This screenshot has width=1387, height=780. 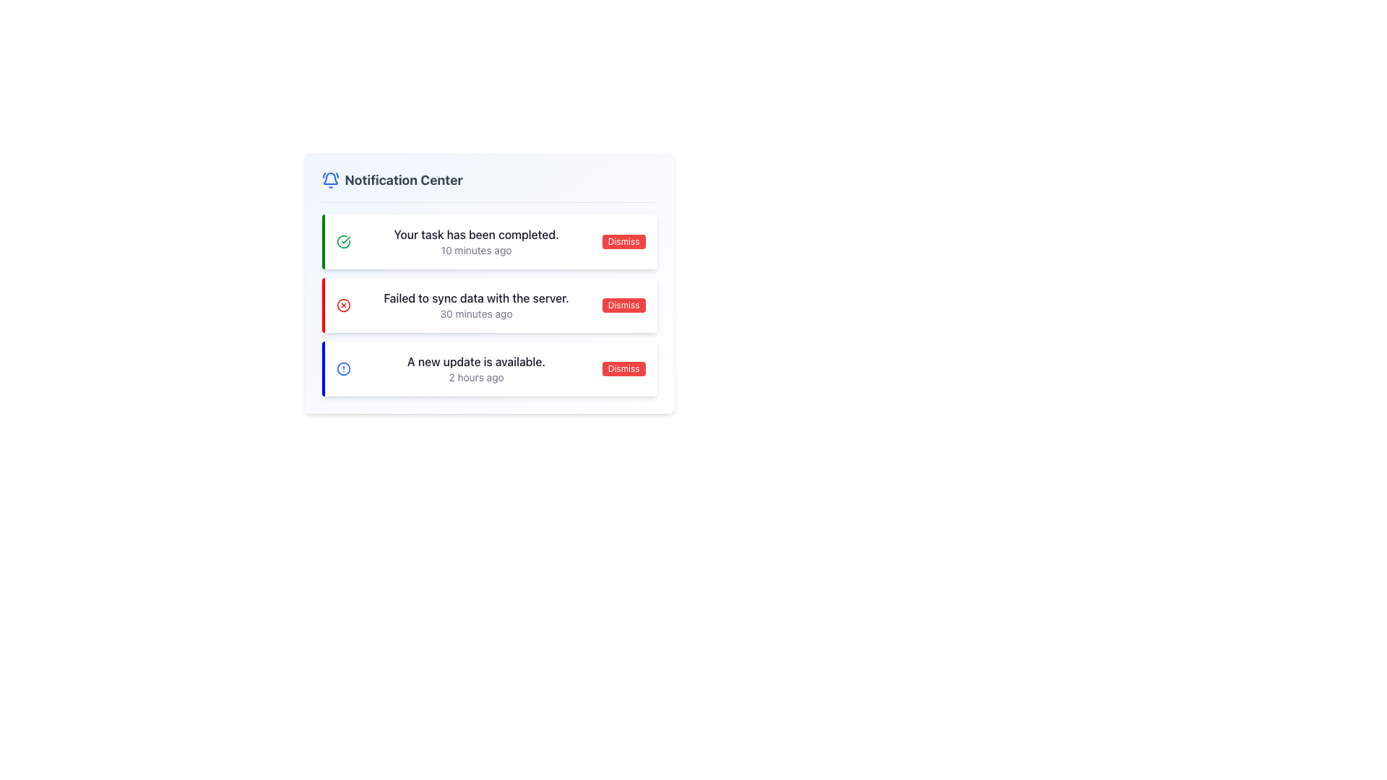 I want to click on the text label that indicates the successful completion of a task, located in the notification card above the timestamp '10 minutes ago.', so click(x=476, y=233).